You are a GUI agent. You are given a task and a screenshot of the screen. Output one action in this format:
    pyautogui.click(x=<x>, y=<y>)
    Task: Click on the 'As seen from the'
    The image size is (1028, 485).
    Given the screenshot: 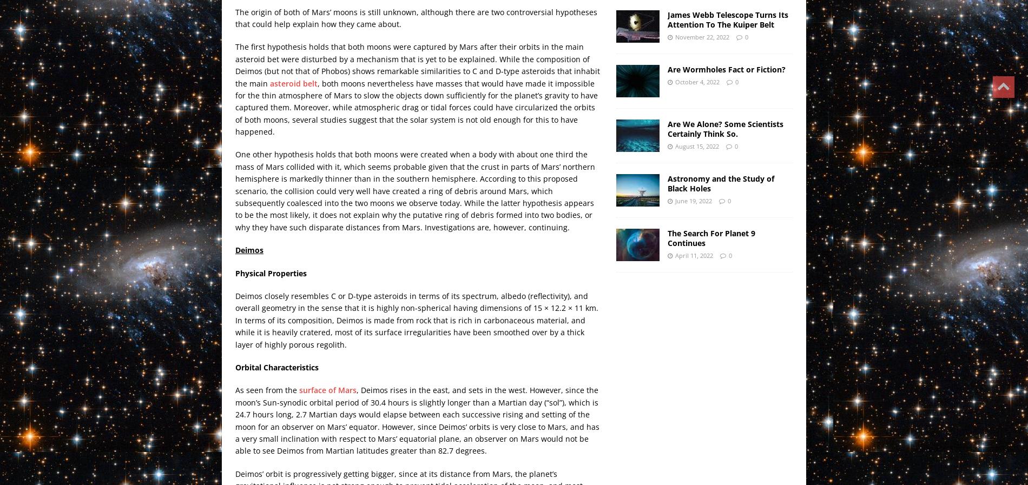 What is the action you would take?
    pyautogui.click(x=267, y=390)
    